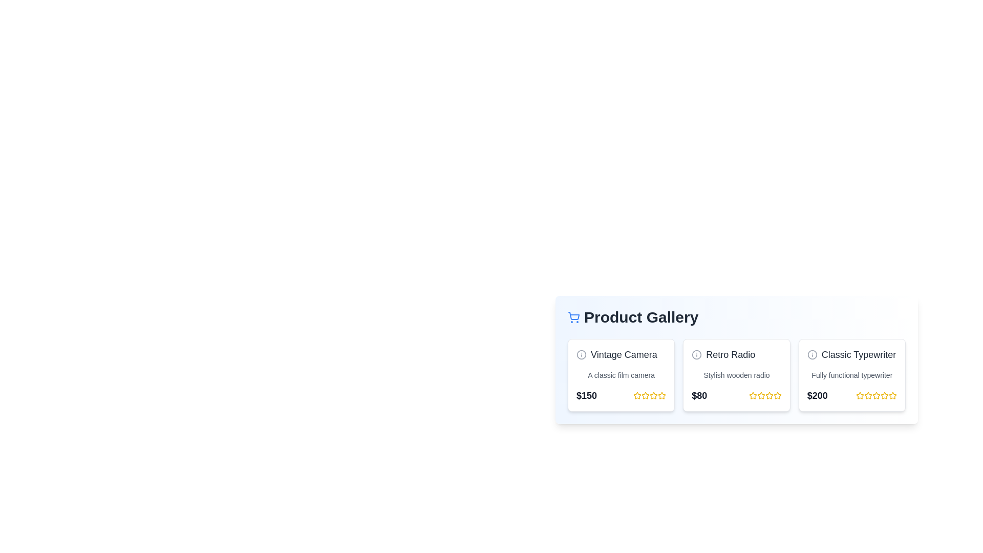 The image size is (983, 553). Describe the element at coordinates (736, 375) in the screenshot. I see `the product card for Retro Radio` at that location.